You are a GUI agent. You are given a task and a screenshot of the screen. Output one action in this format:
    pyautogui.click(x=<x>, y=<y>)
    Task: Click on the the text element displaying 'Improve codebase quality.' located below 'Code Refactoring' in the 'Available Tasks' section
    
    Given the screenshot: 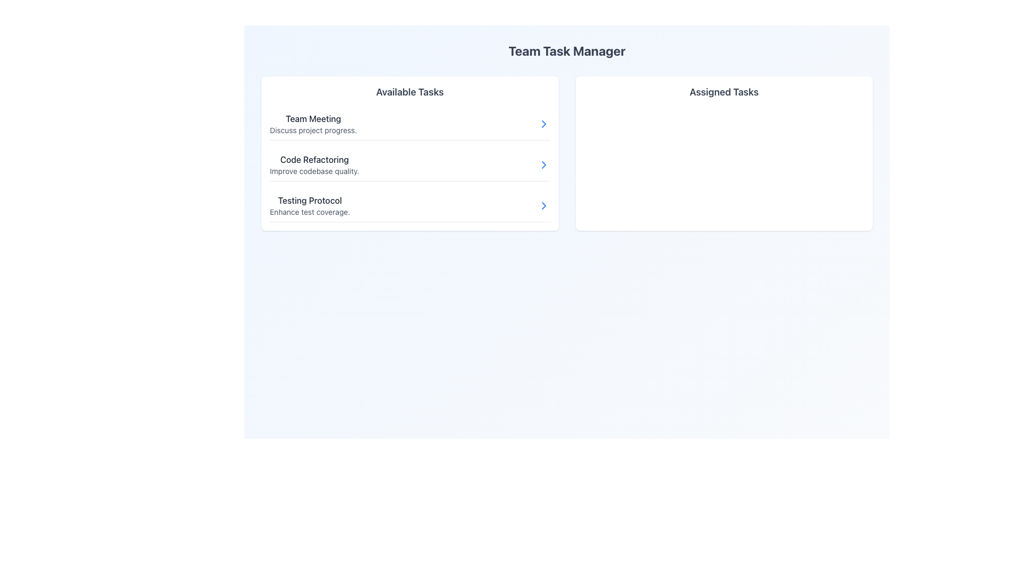 What is the action you would take?
    pyautogui.click(x=314, y=171)
    